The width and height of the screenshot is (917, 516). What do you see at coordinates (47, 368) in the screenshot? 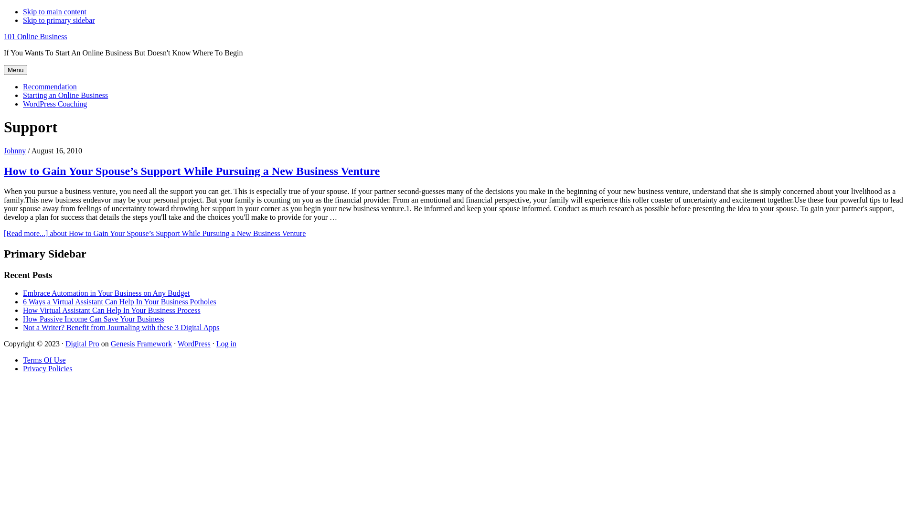
I see `'Privacy Policies'` at bounding box center [47, 368].